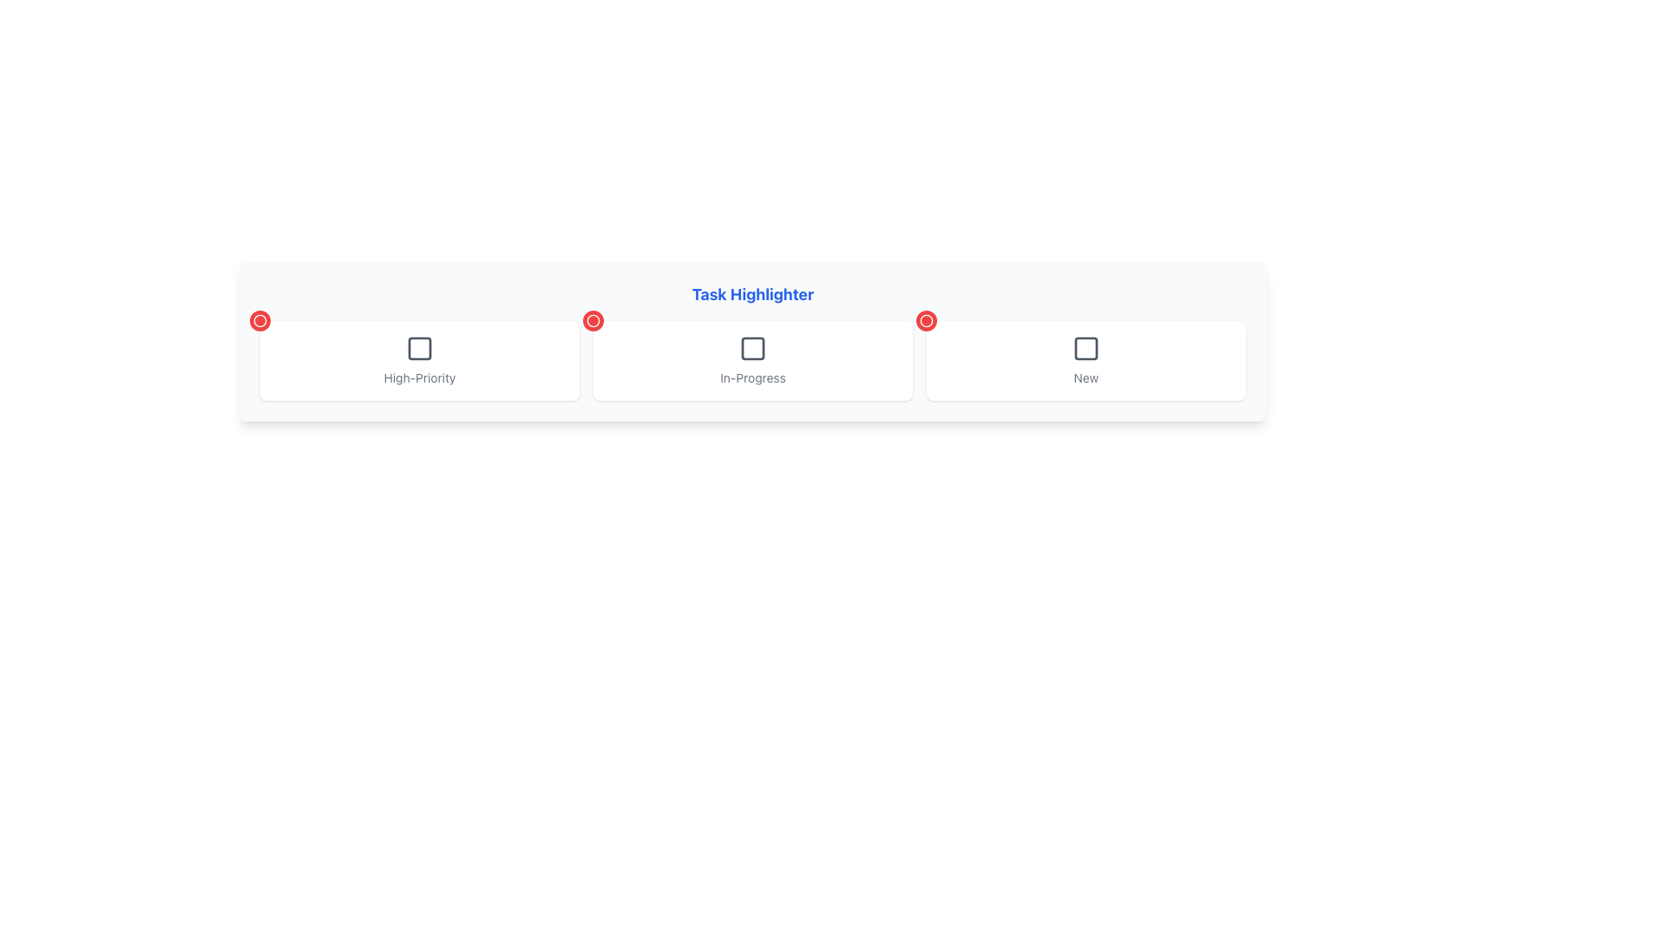 The image size is (1666, 937). Describe the element at coordinates (753, 360) in the screenshot. I see `the center of the 'In-Progress' Panel, which is located in the middle of a three-column grid layout` at that location.